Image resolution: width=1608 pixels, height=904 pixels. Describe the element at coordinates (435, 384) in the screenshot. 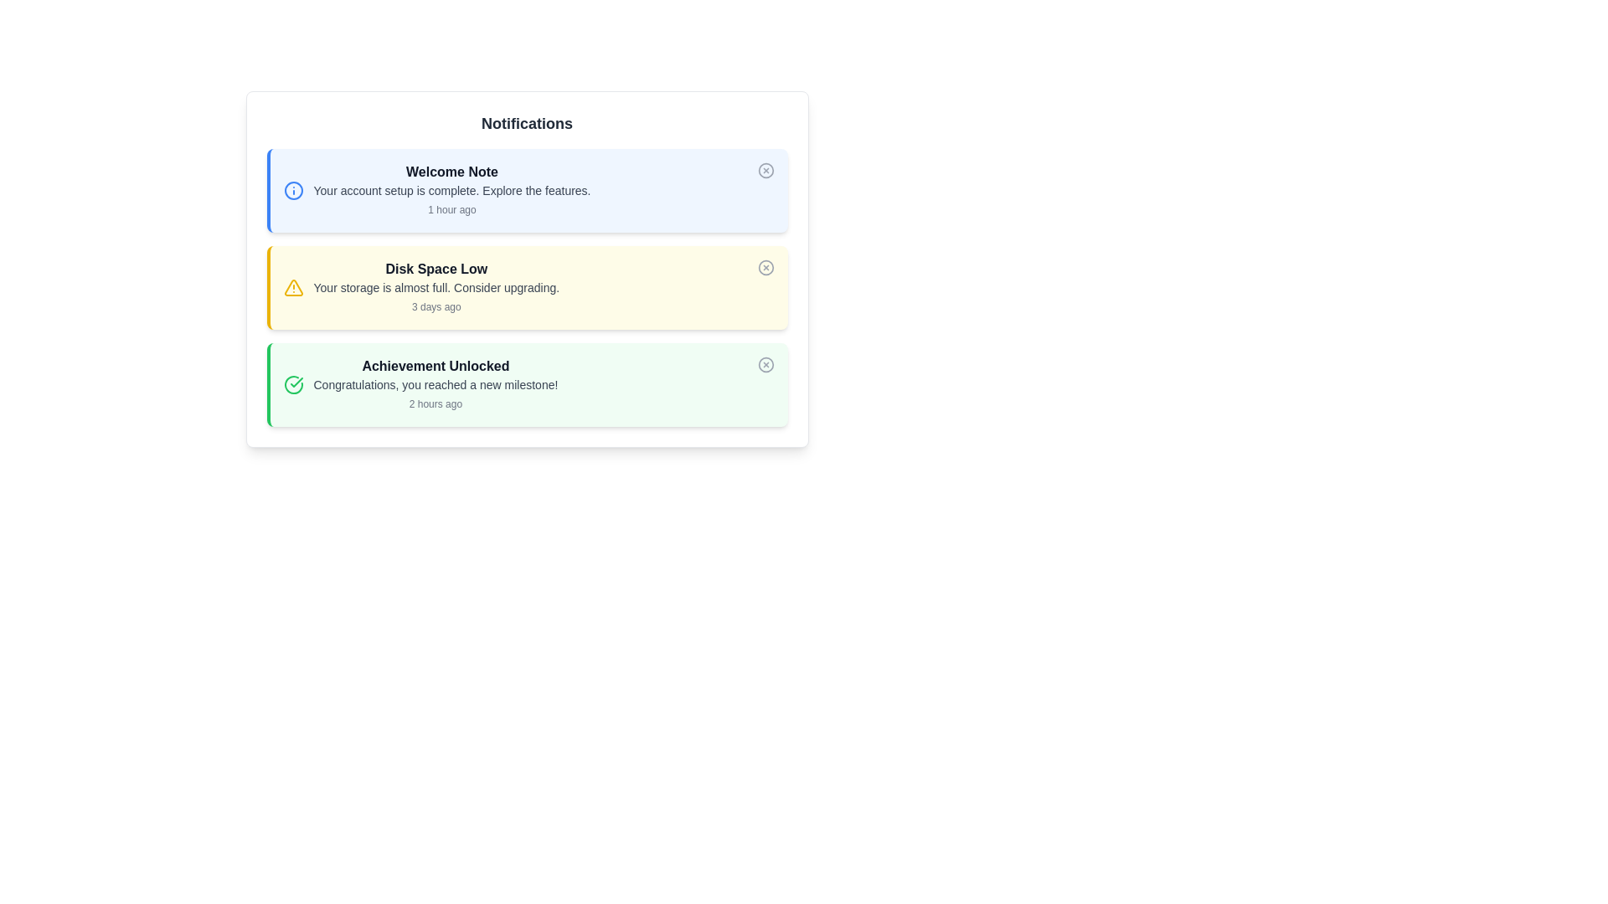

I see `the text label that reads 'Congratulations, you reached a new milestone!' which is styled with a gray font color and is centered within a lightly green background section` at that location.